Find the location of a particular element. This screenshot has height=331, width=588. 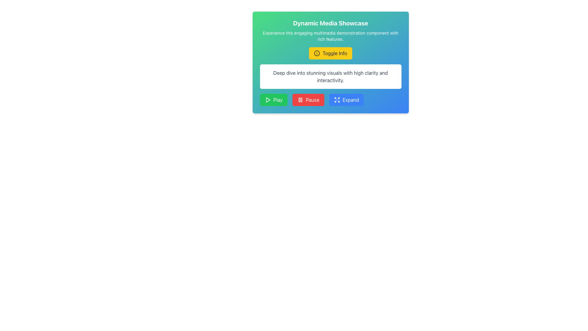

the small square button with a blue background and a white icon of four arrows pointing outward, which represents the expand action, located at the bottom of the card component is located at coordinates (337, 100).